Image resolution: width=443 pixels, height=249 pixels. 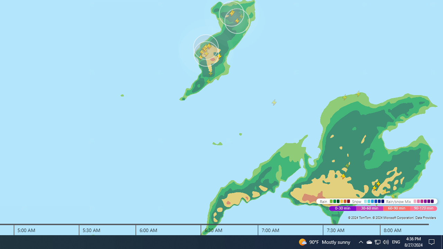 I want to click on 'User Promoted Notification Area', so click(x=377, y=241).